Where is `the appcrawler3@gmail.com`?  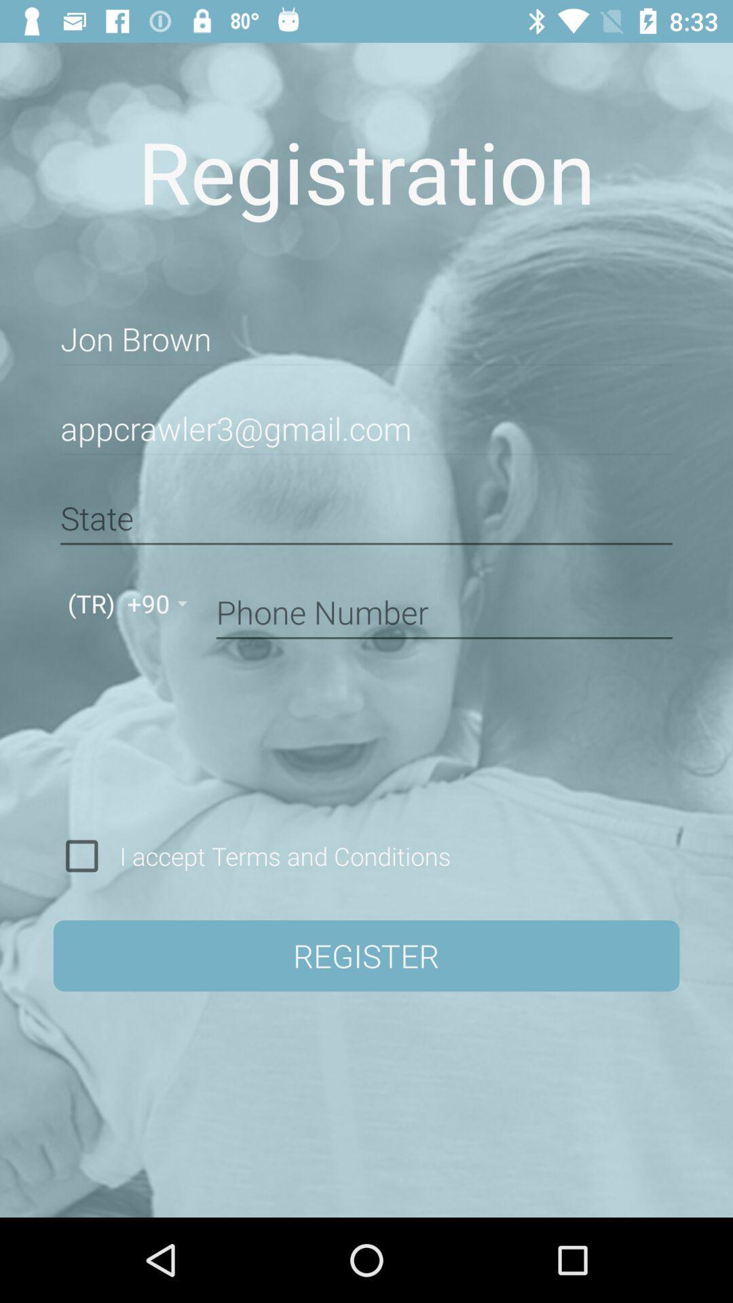
the appcrawler3@gmail.com is located at coordinates (366, 428).